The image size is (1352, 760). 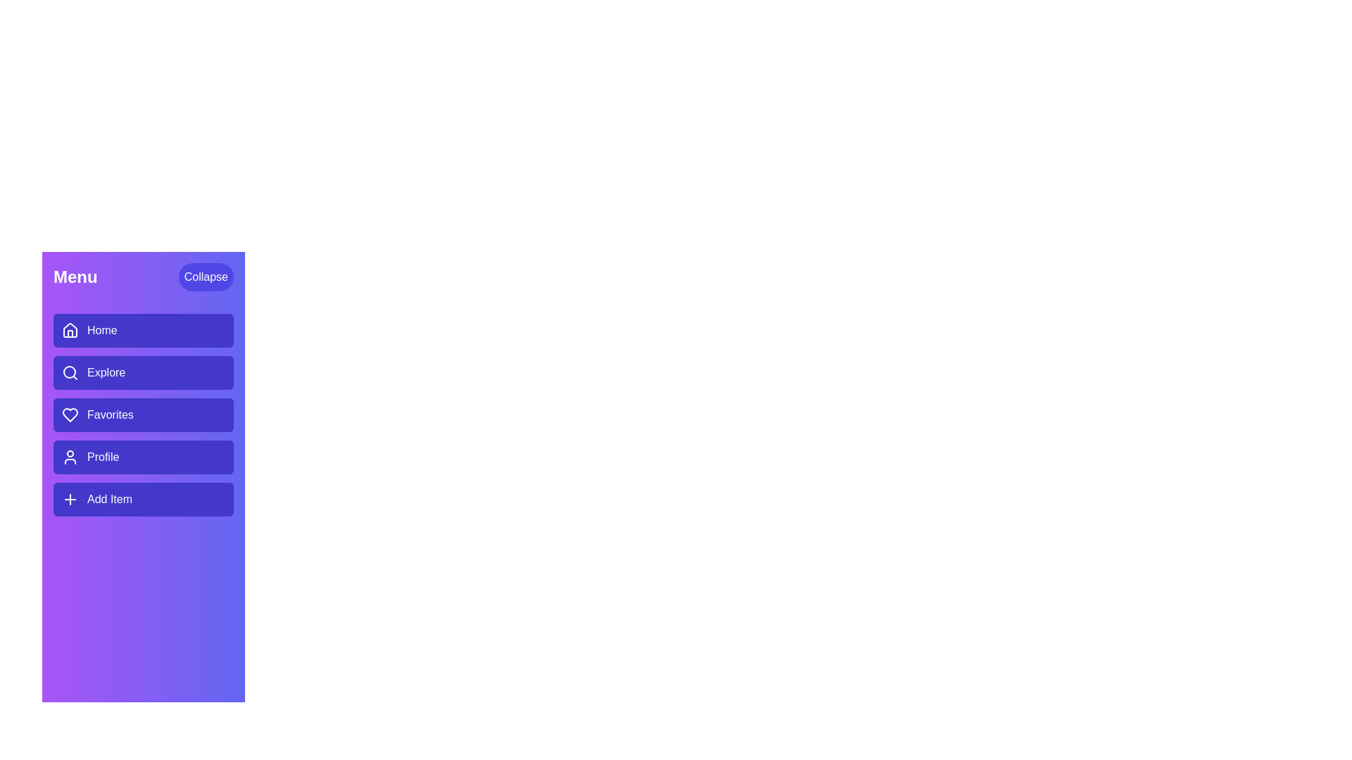 What do you see at coordinates (143, 457) in the screenshot?
I see `the menu item labeled Profile` at bounding box center [143, 457].